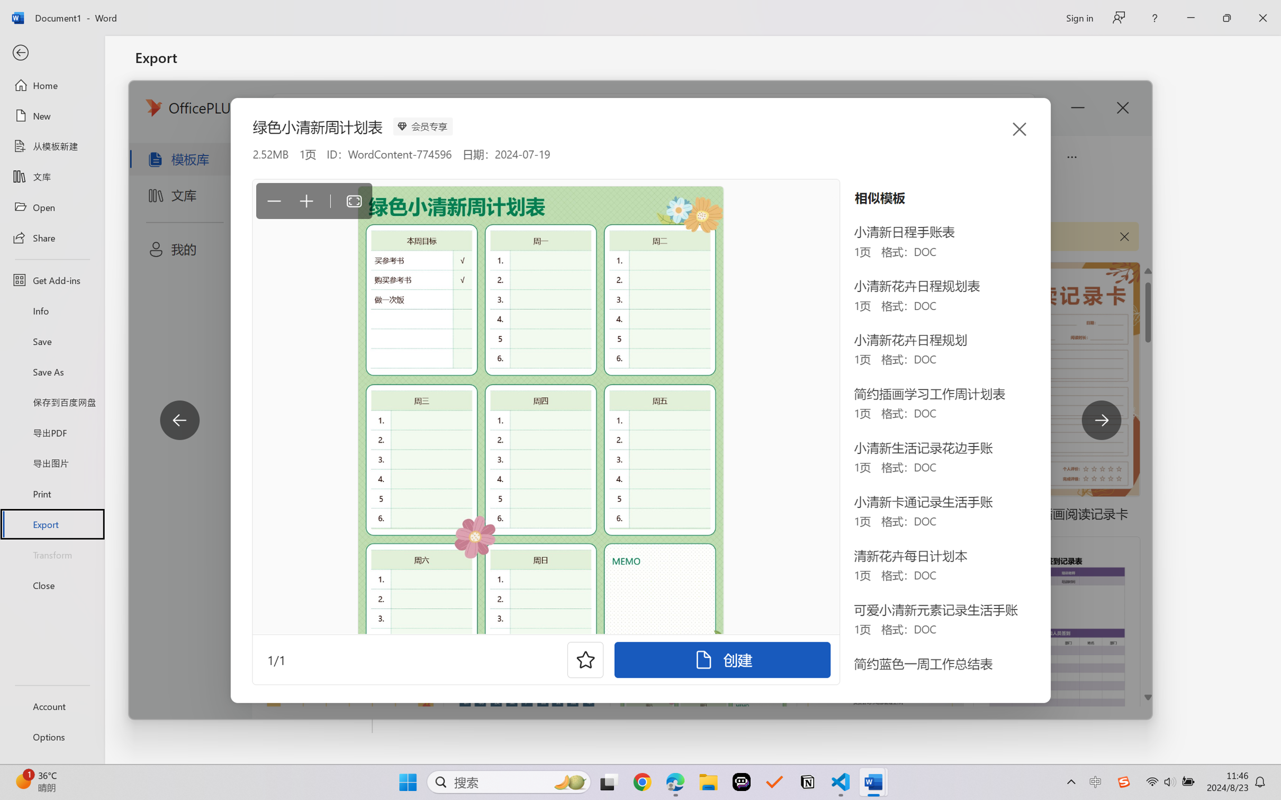 Image resolution: width=1281 pixels, height=800 pixels. What do you see at coordinates (51, 279) in the screenshot?
I see `'Get Add-ins'` at bounding box center [51, 279].